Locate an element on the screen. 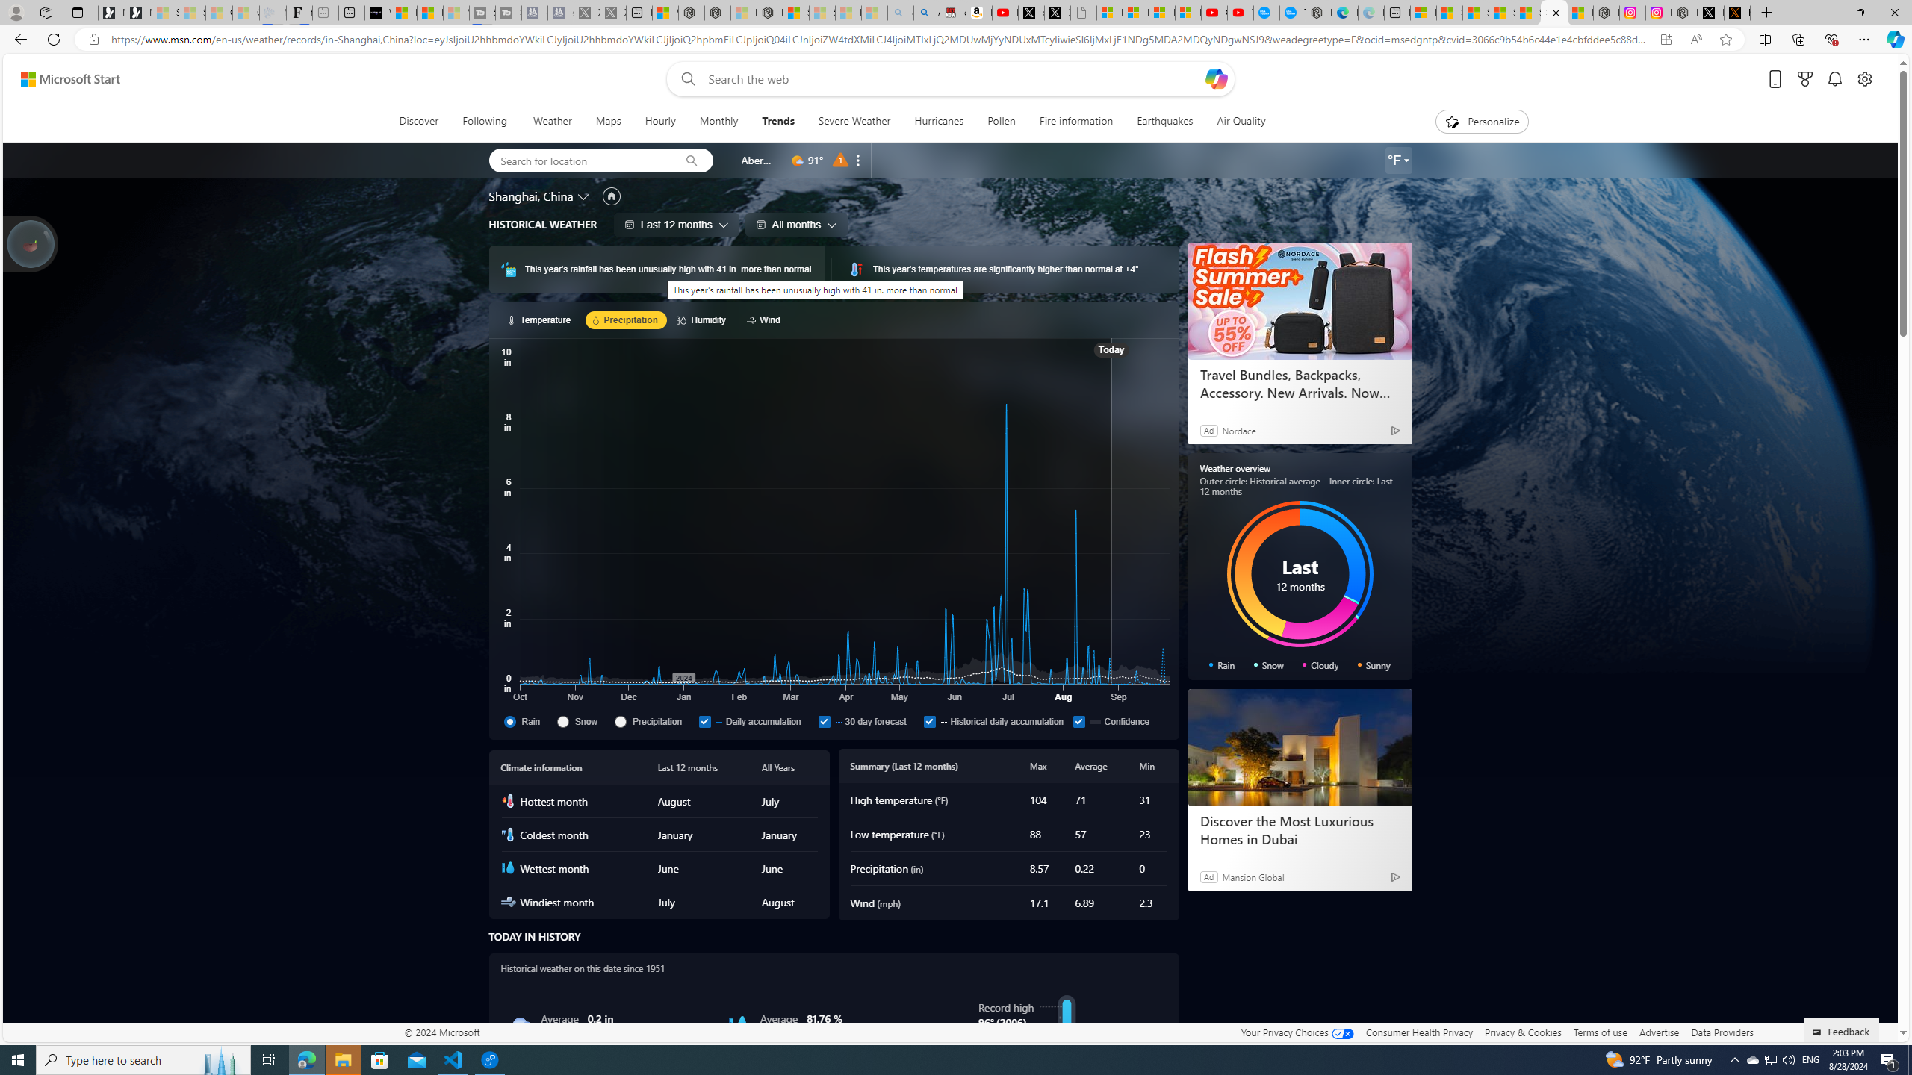 Image resolution: width=1912 pixels, height=1075 pixels. 'Discover the Most Luxurious Homes in Dubai' is located at coordinates (1300, 747).